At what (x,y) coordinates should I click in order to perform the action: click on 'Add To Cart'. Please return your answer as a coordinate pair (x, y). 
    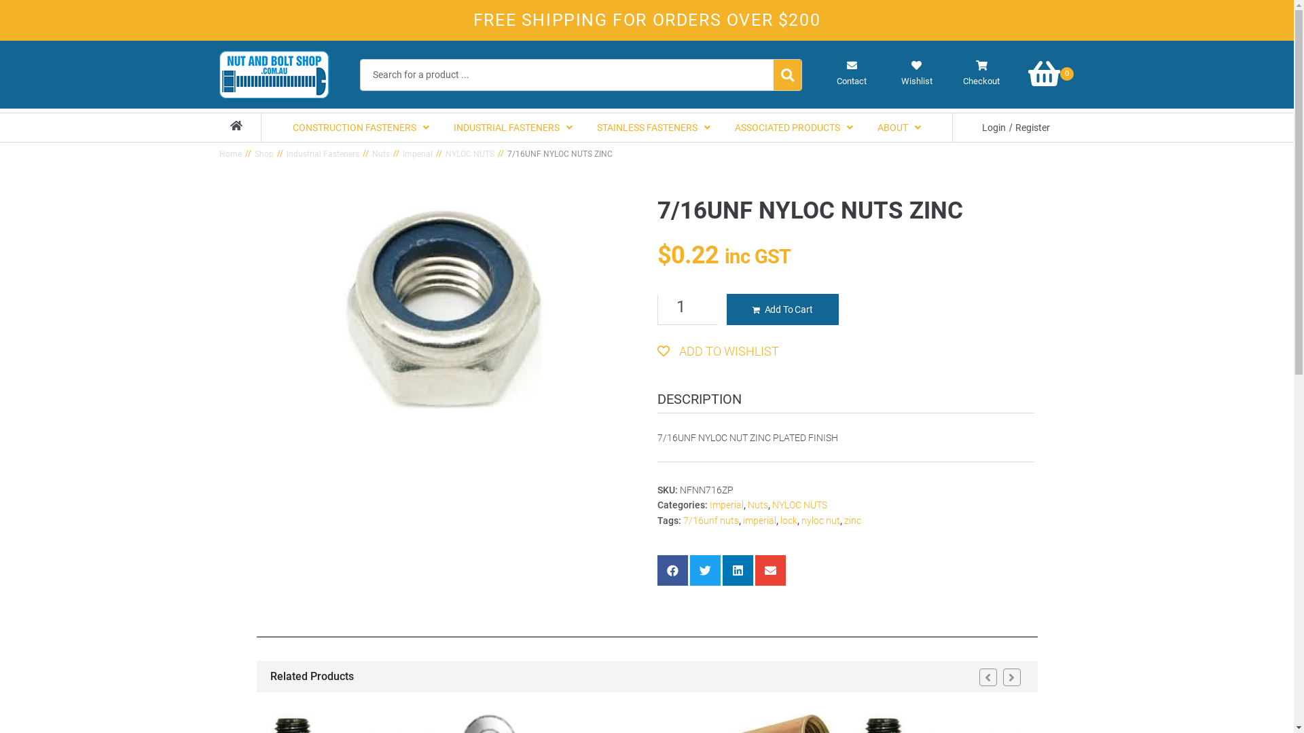
    Looking at the image, I should click on (782, 309).